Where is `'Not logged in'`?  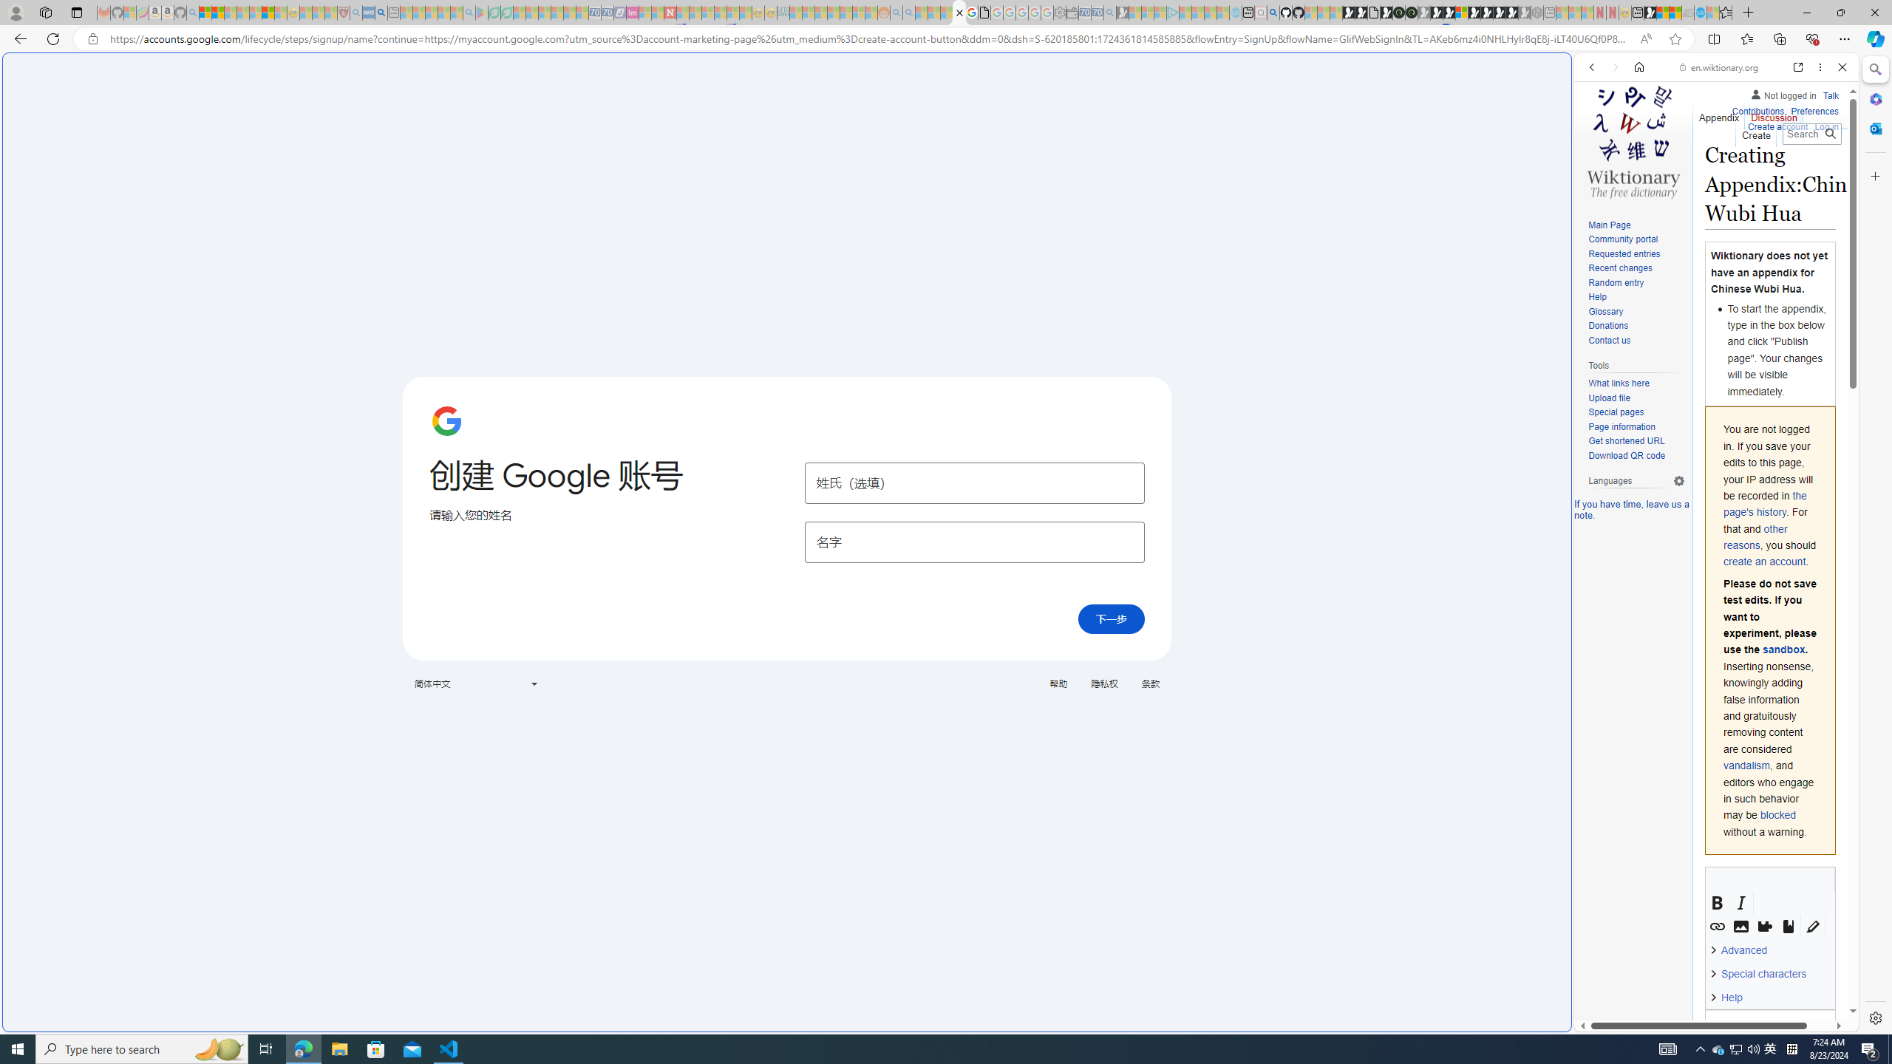
'Not logged in' is located at coordinates (1783, 93).